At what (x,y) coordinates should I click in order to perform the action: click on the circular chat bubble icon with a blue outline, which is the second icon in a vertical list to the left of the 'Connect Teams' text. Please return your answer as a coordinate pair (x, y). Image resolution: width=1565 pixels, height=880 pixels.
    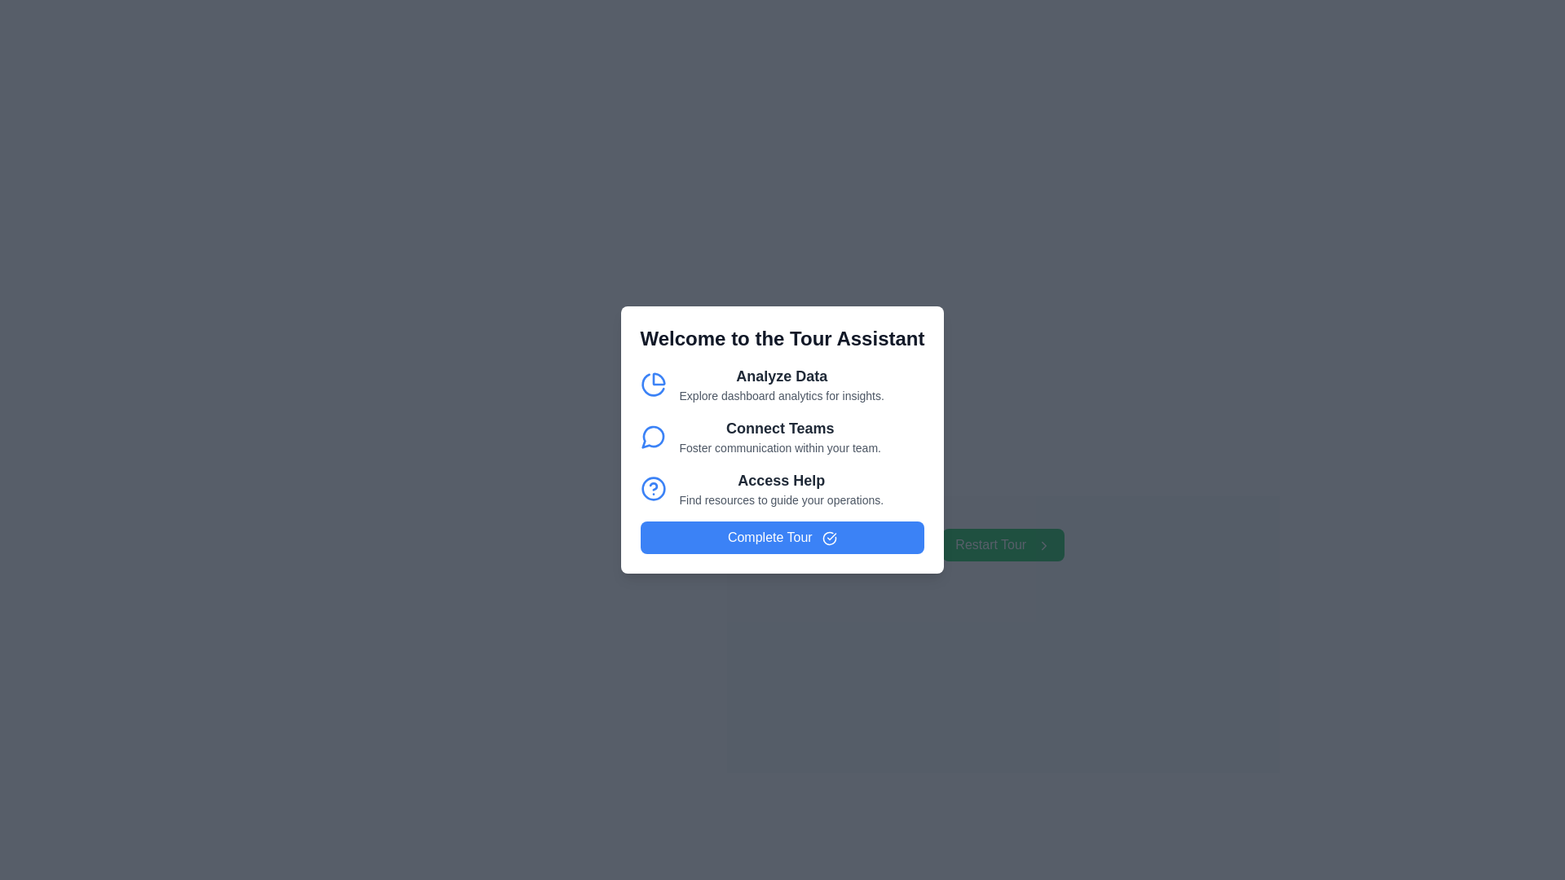
    Looking at the image, I should click on (652, 436).